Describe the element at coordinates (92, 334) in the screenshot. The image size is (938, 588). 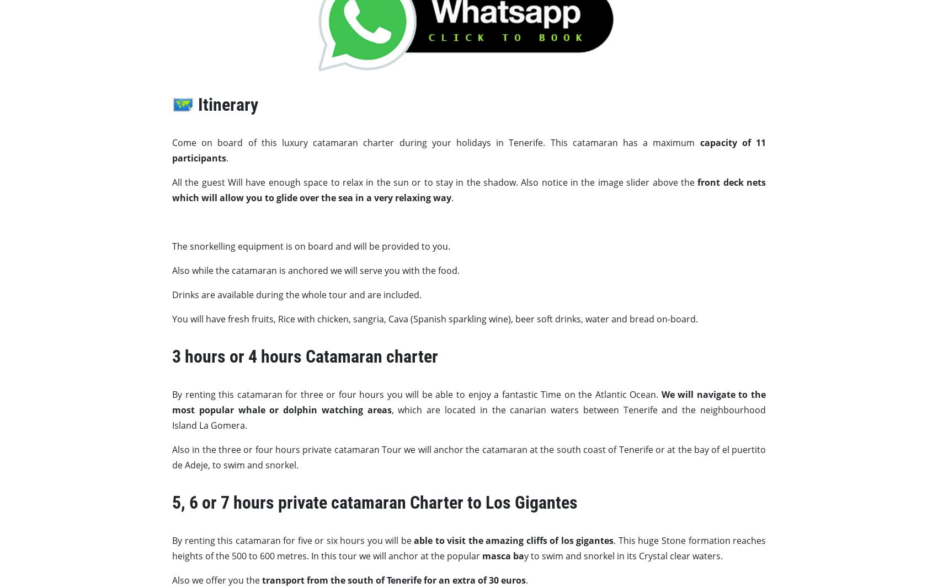
I see `'info@bananapalmbay.com'` at that location.